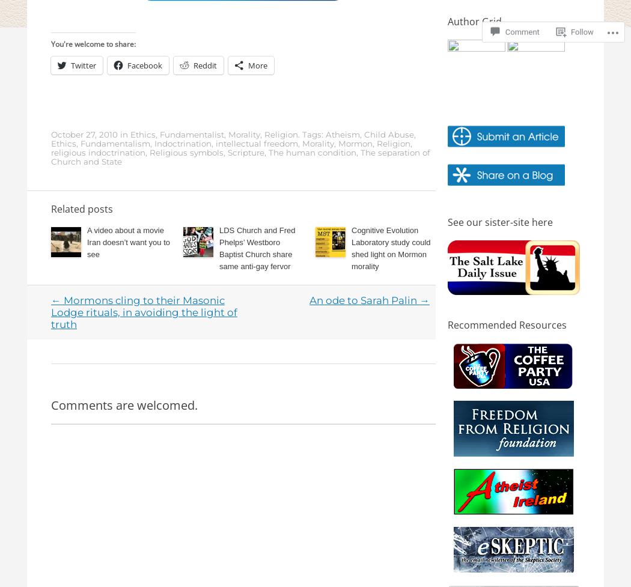 The height and width of the screenshot is (587, 631). Describe the element at coordinates (98, 152) in the screenshot. I see `'religious indoctrination'` at that location.